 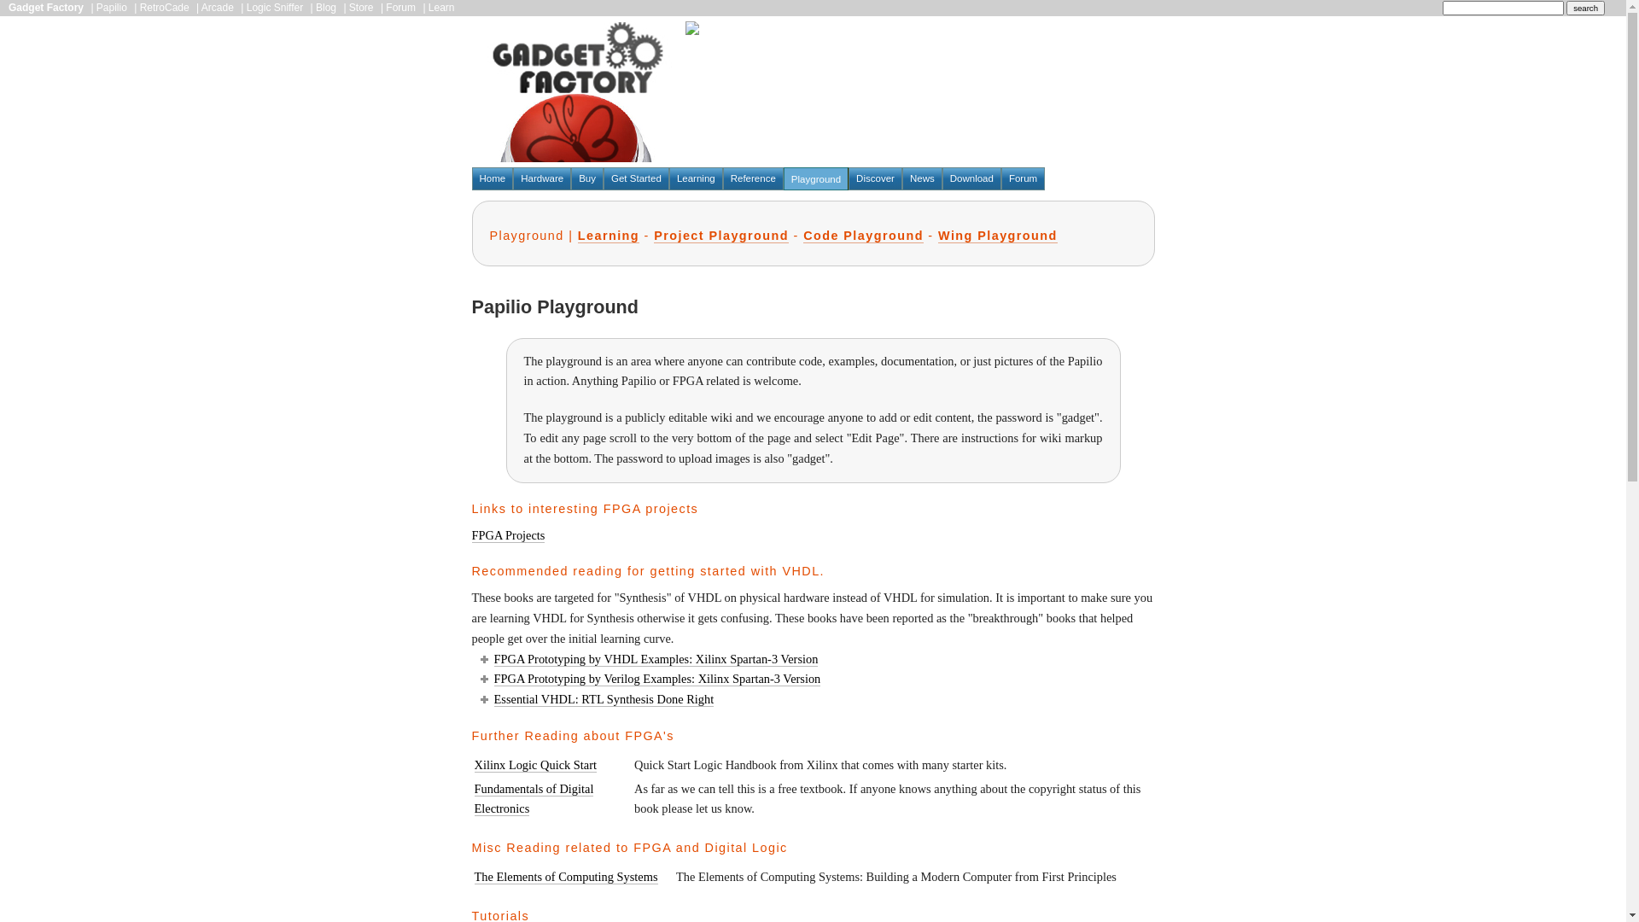 I want to click on 'Learn', so click(x=441, y=7).